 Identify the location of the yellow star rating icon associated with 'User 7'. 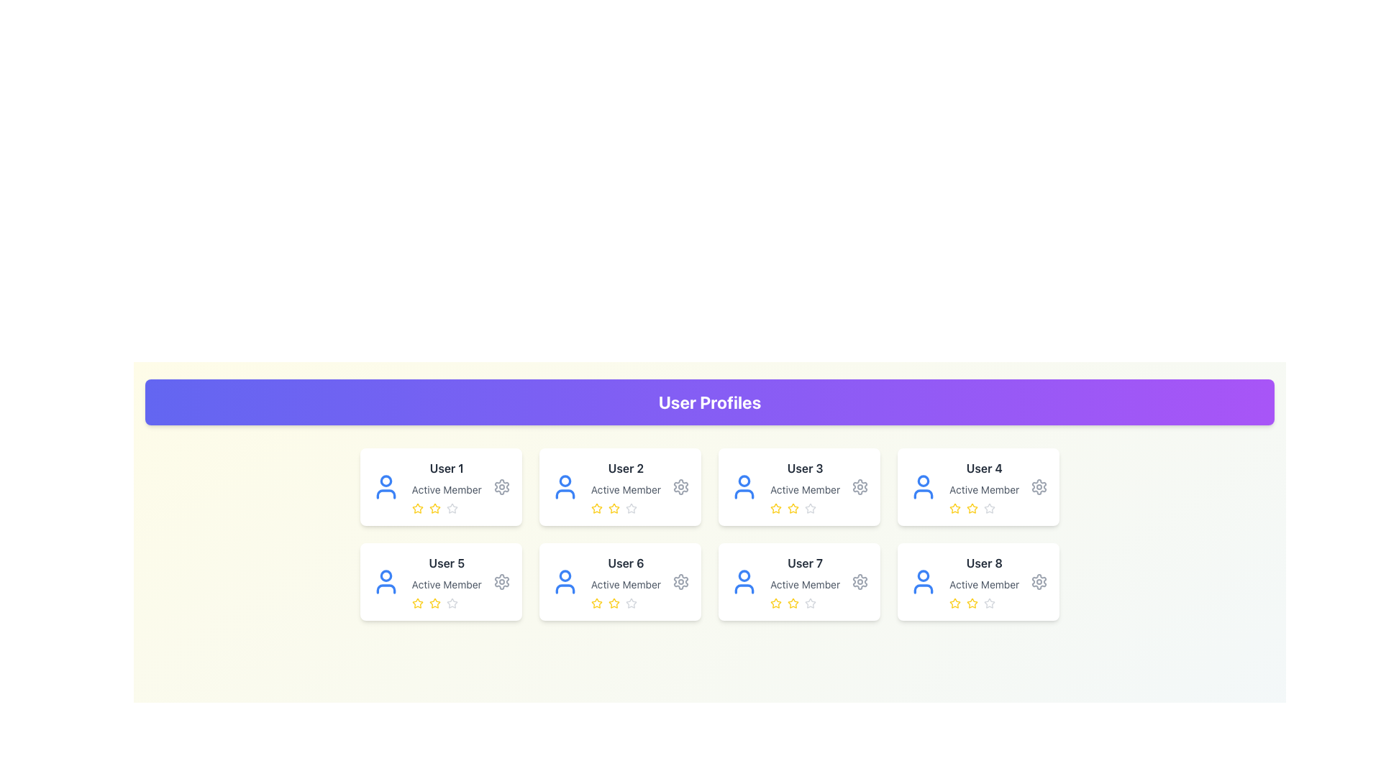
(775, 603).